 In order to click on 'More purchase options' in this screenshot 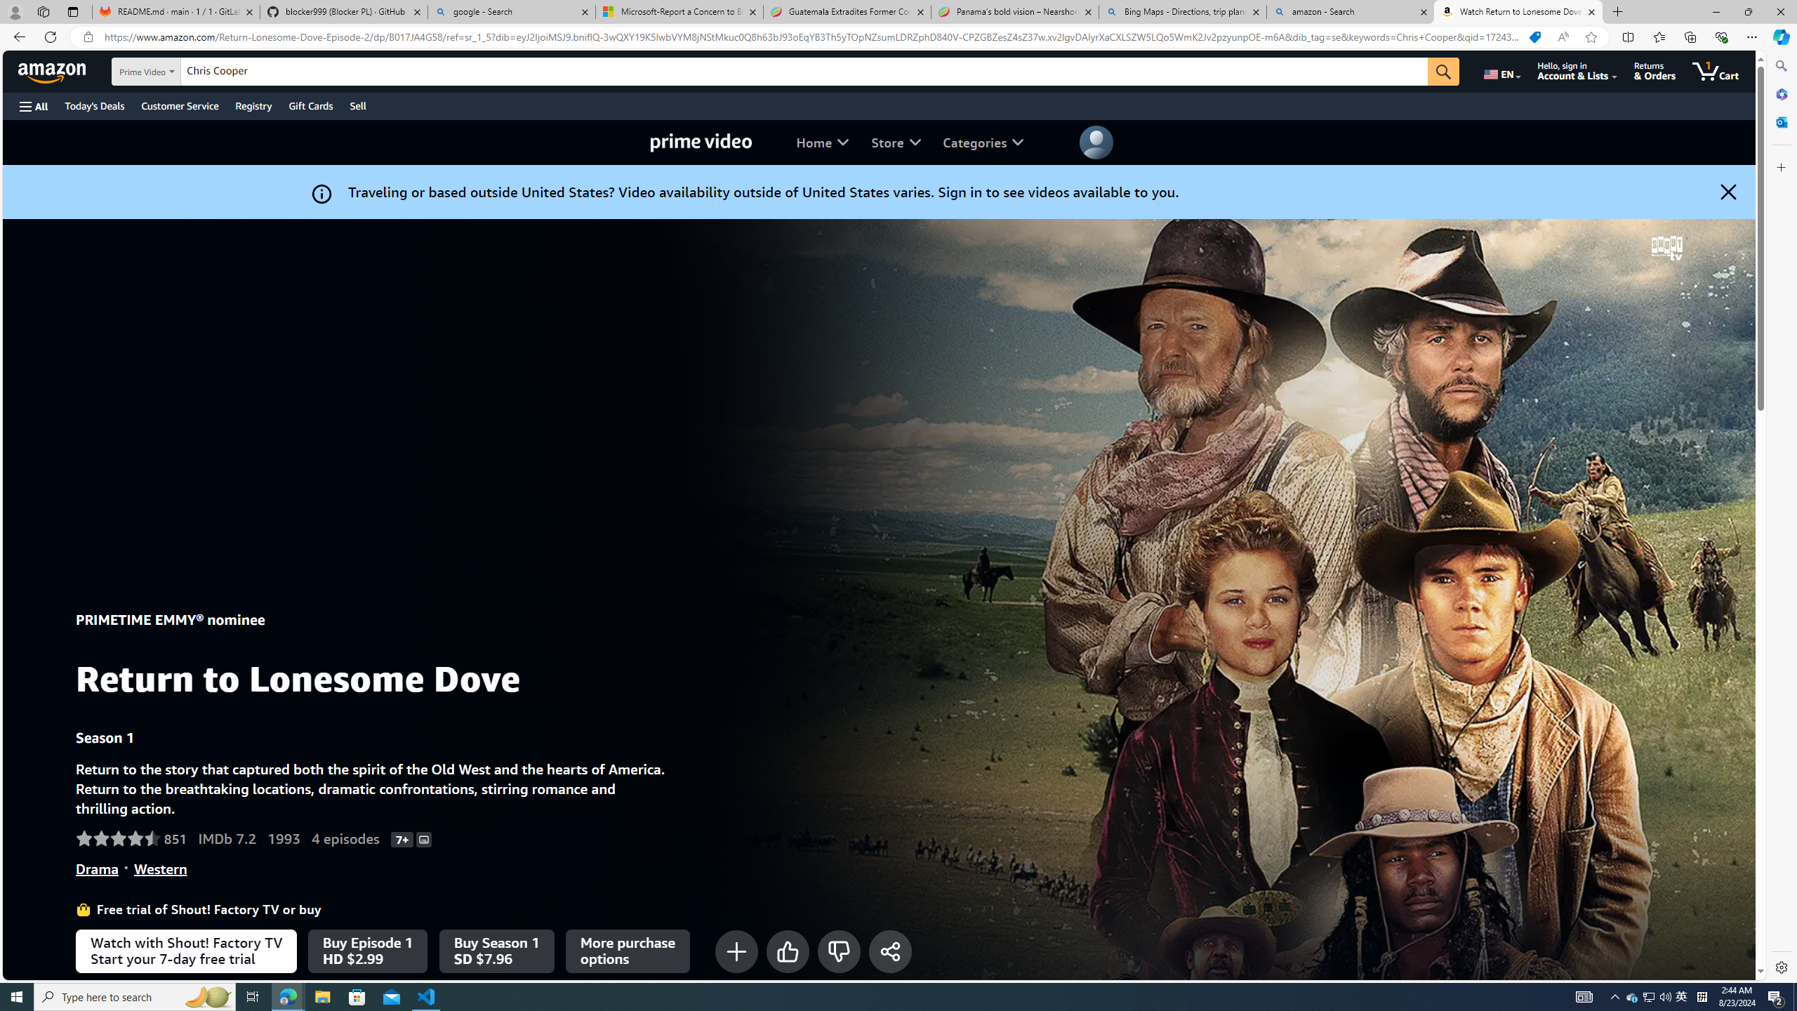, I will do `click(626, 950)`.